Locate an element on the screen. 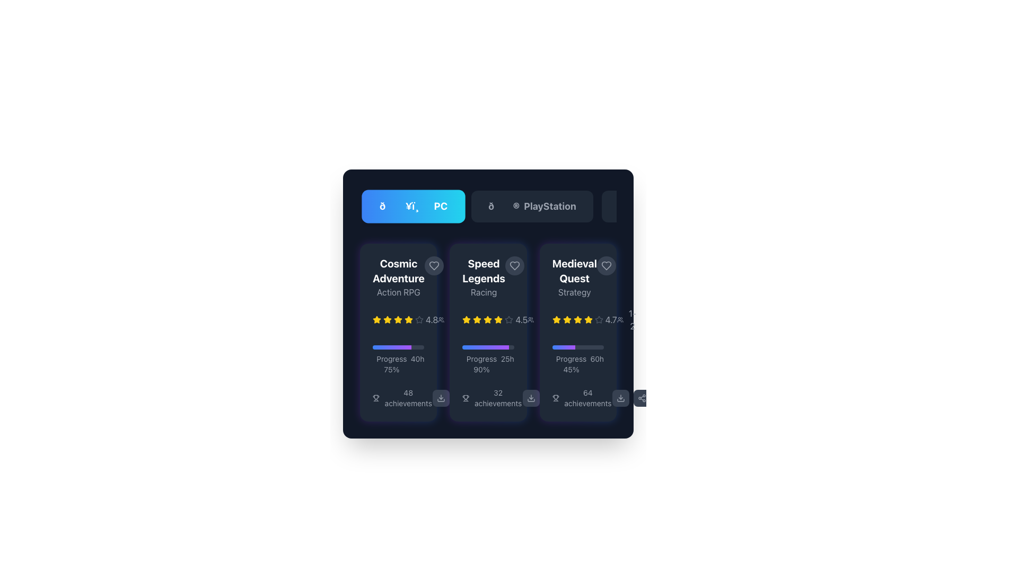 Image resolution: width=1018 pixels, height=572 pixels. the trophy icon, which is a minimalistic light gray outline next to the '32 achievements' label, located in the second column of the interface grid below the 'Speed Legends' card is located at coordinates (466, 398).